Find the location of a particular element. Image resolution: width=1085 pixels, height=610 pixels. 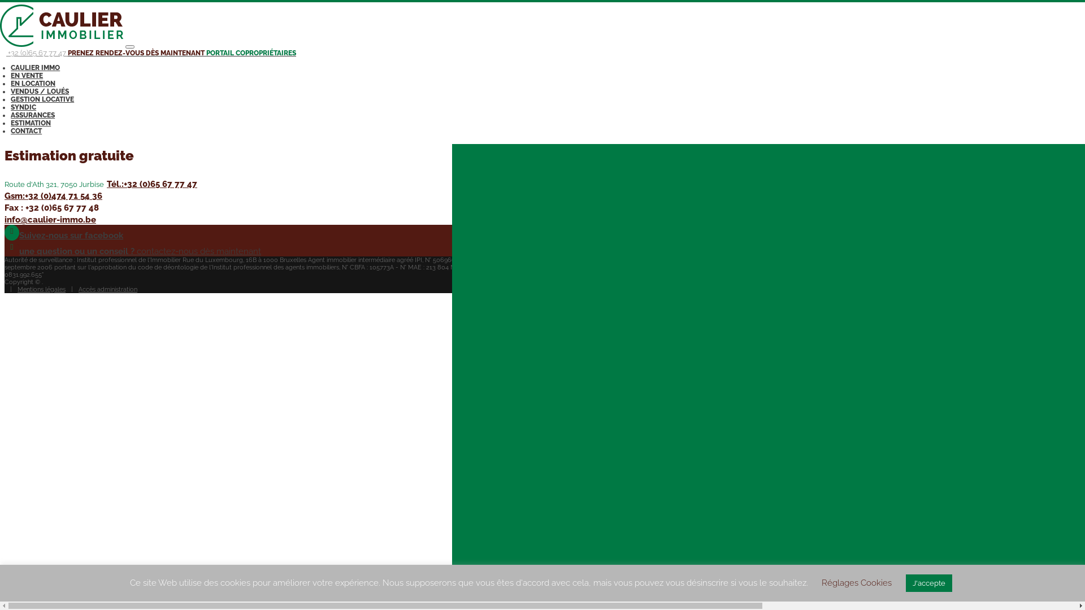

'EN VENTE' is located at coordinates (27, 76).